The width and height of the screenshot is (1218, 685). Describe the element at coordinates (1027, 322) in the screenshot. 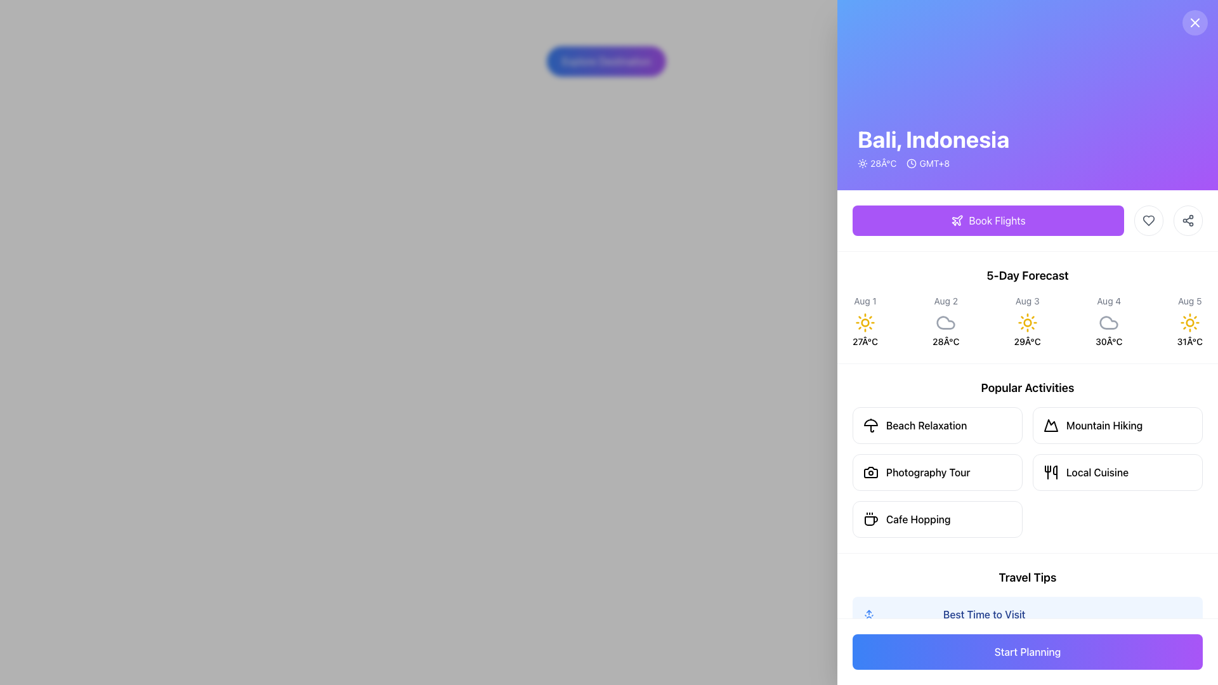

I see `the sun icon representing sunny weather for Aug 3 in the five-day weather forecast section` at that location.